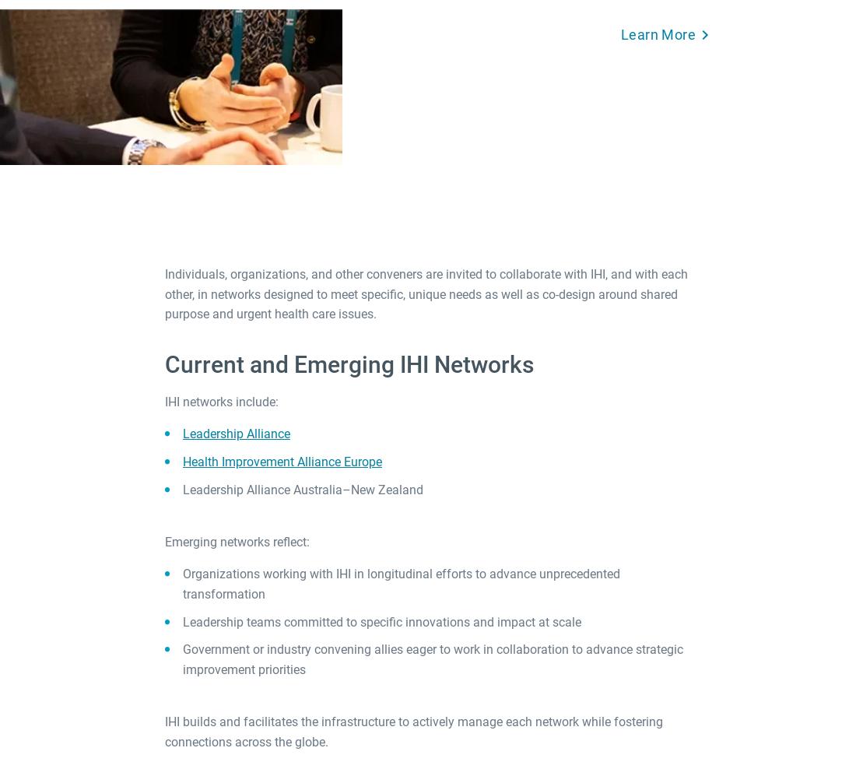  Describe the element at coordinates (303, 488) in the screenshot. I see `'Leadership Alliance Australia–New Zealand'` at that location.